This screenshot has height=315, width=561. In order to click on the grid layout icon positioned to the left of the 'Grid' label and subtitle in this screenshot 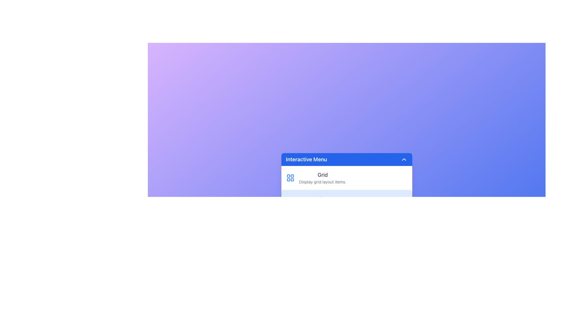, I will do `click(290, 177)`.